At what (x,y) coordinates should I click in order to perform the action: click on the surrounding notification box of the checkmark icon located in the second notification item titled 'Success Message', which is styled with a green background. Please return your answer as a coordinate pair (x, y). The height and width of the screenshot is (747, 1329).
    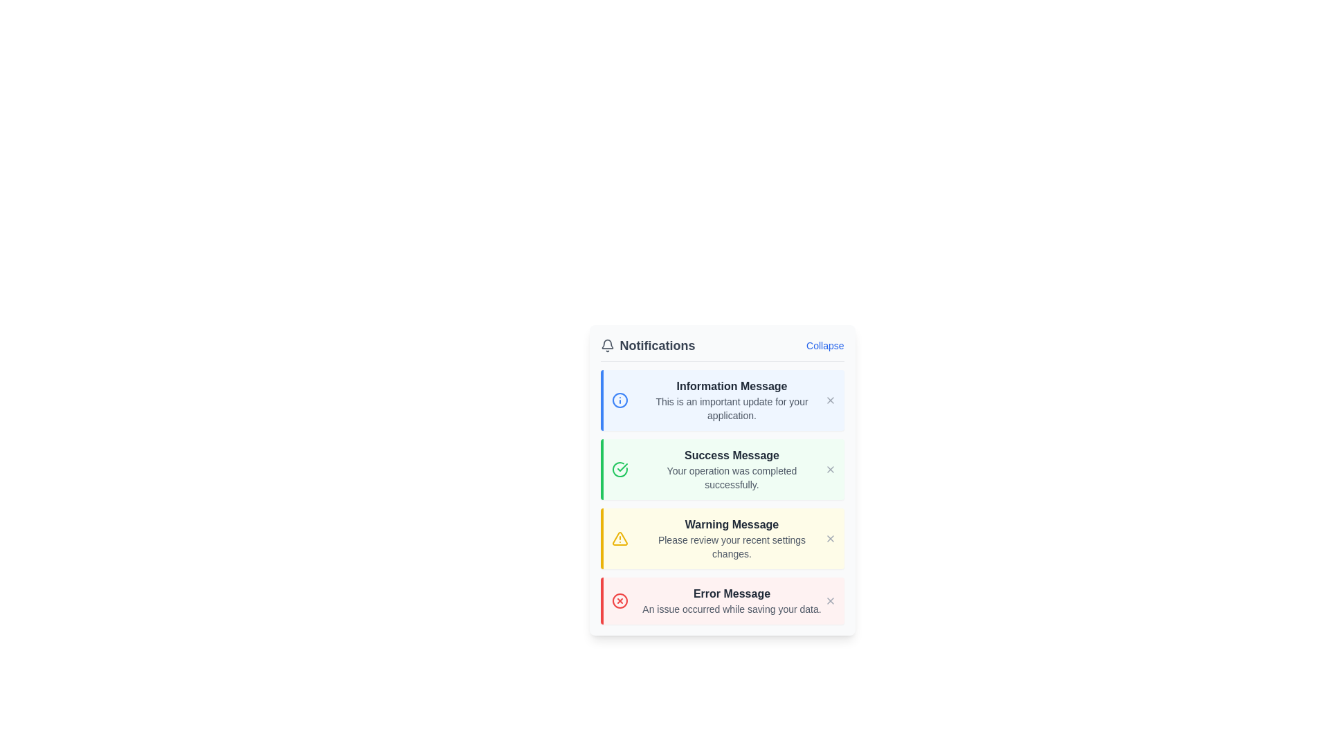
    Looking at the image, I should click on (619, 468).